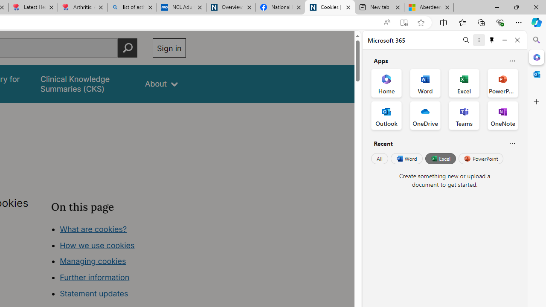 This screenshot has width=546, height=307. I want to click on 'false', so click(85, 84).